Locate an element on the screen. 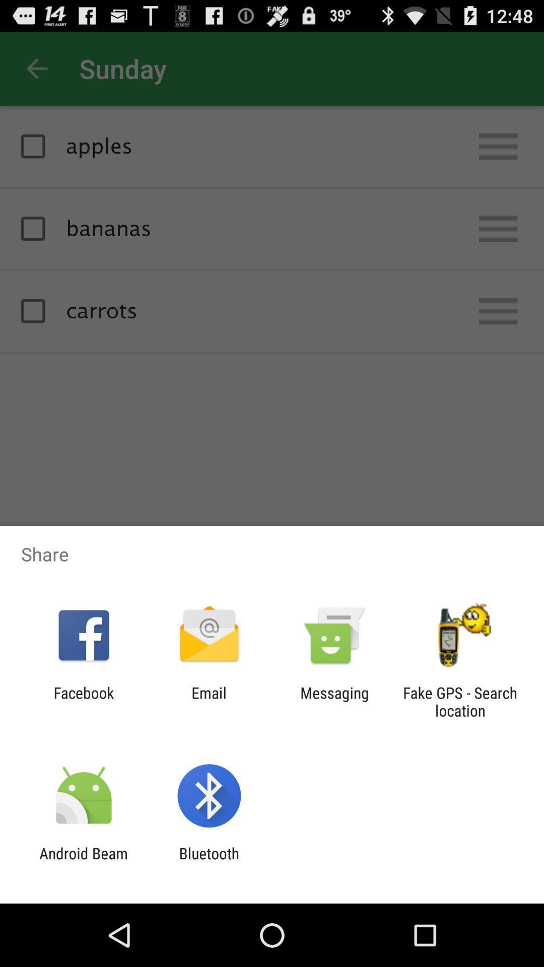 The width and height of the screenshot is (544, 967). android beam icon is located at coordinates (83, 862).